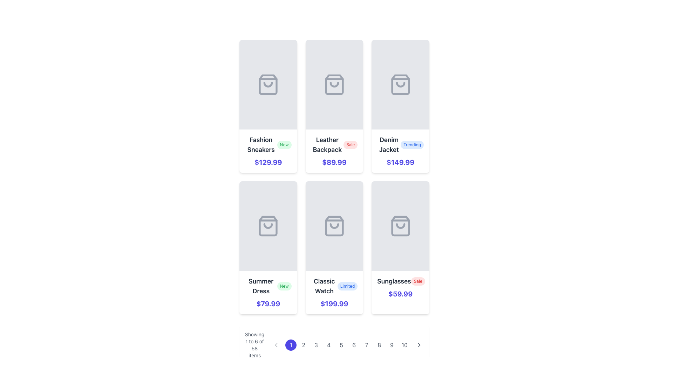 This screenshot has width=673, height=378. What do you see at coordinates (316, 345) in the screenshot?
I see `the third pagination button located at the bottom center of the interface` at bounding box center [316, 345].